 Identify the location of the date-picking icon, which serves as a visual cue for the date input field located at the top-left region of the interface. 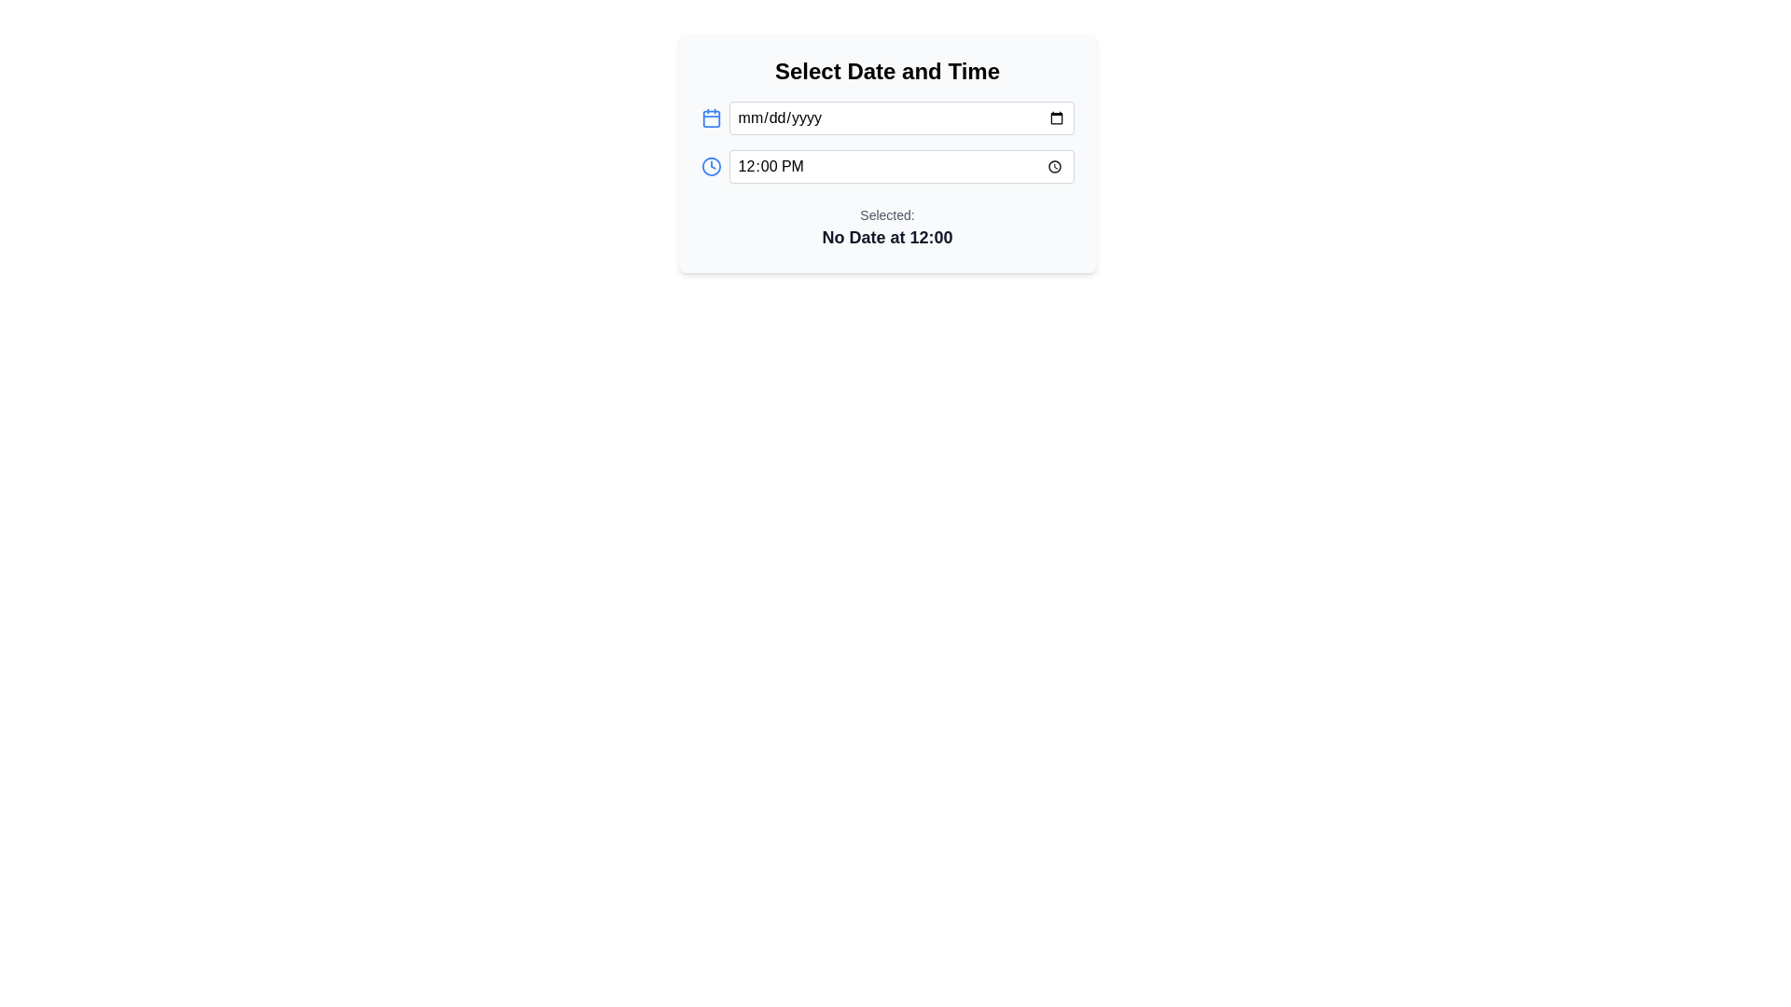
(710, 118).